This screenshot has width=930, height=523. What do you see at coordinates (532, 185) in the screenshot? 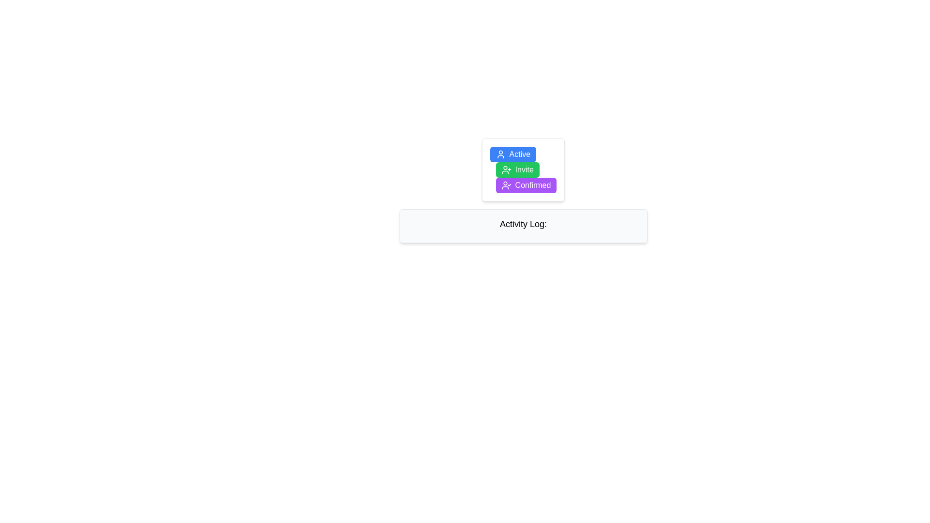
I see `the 'Confirmed' text label, which is a white label with a purple background and rounded corners` at bounding box center [532, 185].